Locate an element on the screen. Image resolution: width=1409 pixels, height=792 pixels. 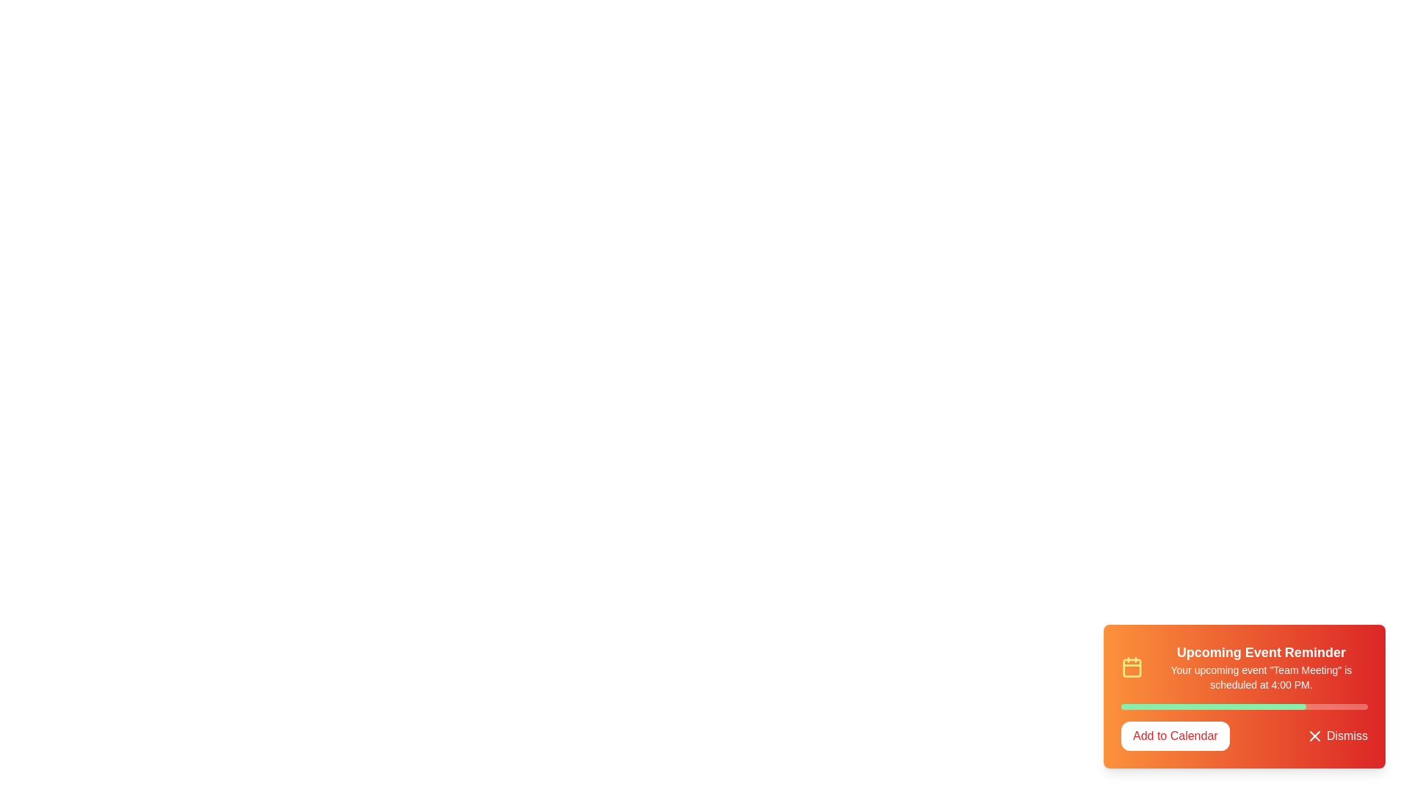
the 'Add to Calendar' button to add the event to the calendar is located at coordinates (1175, 736).